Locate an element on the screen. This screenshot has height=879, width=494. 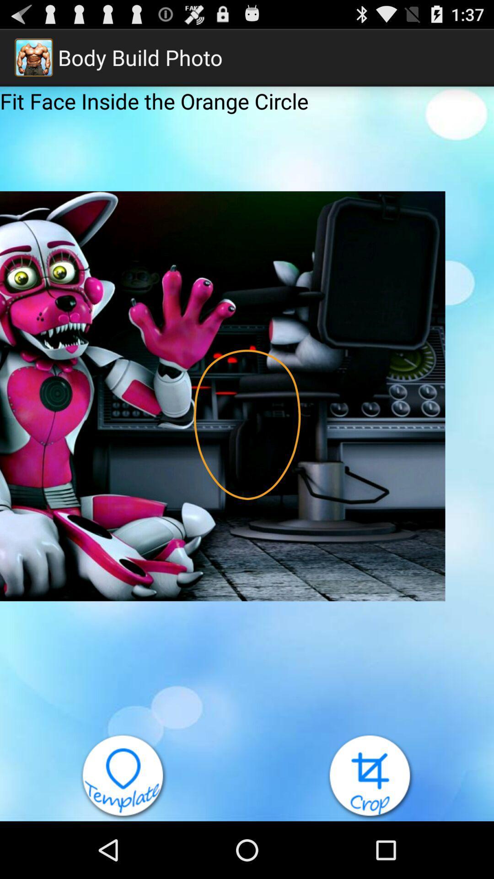
switch template option is located at coordinates (123, 776).